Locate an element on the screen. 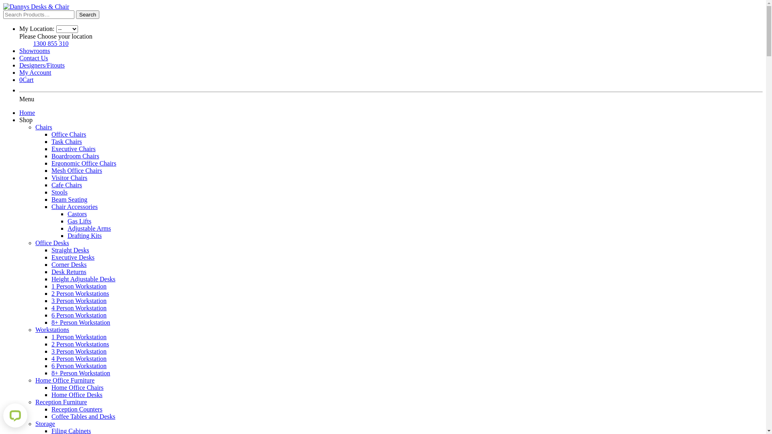 Image resolution: width=772 pixels, height=434 pixels. 'Home' is located at coordinates (27, 113).